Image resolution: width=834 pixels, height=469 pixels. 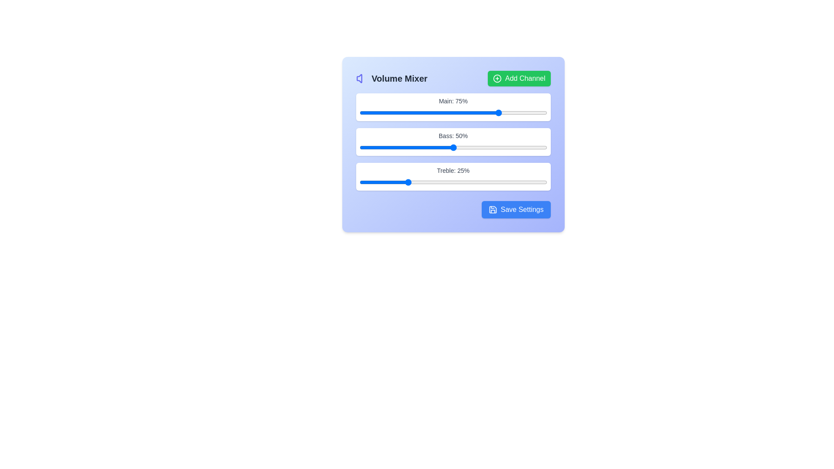 What do you see at coordinates (521, 182) in the screenshot?
I see `treble` at bounding box center [521, 182].